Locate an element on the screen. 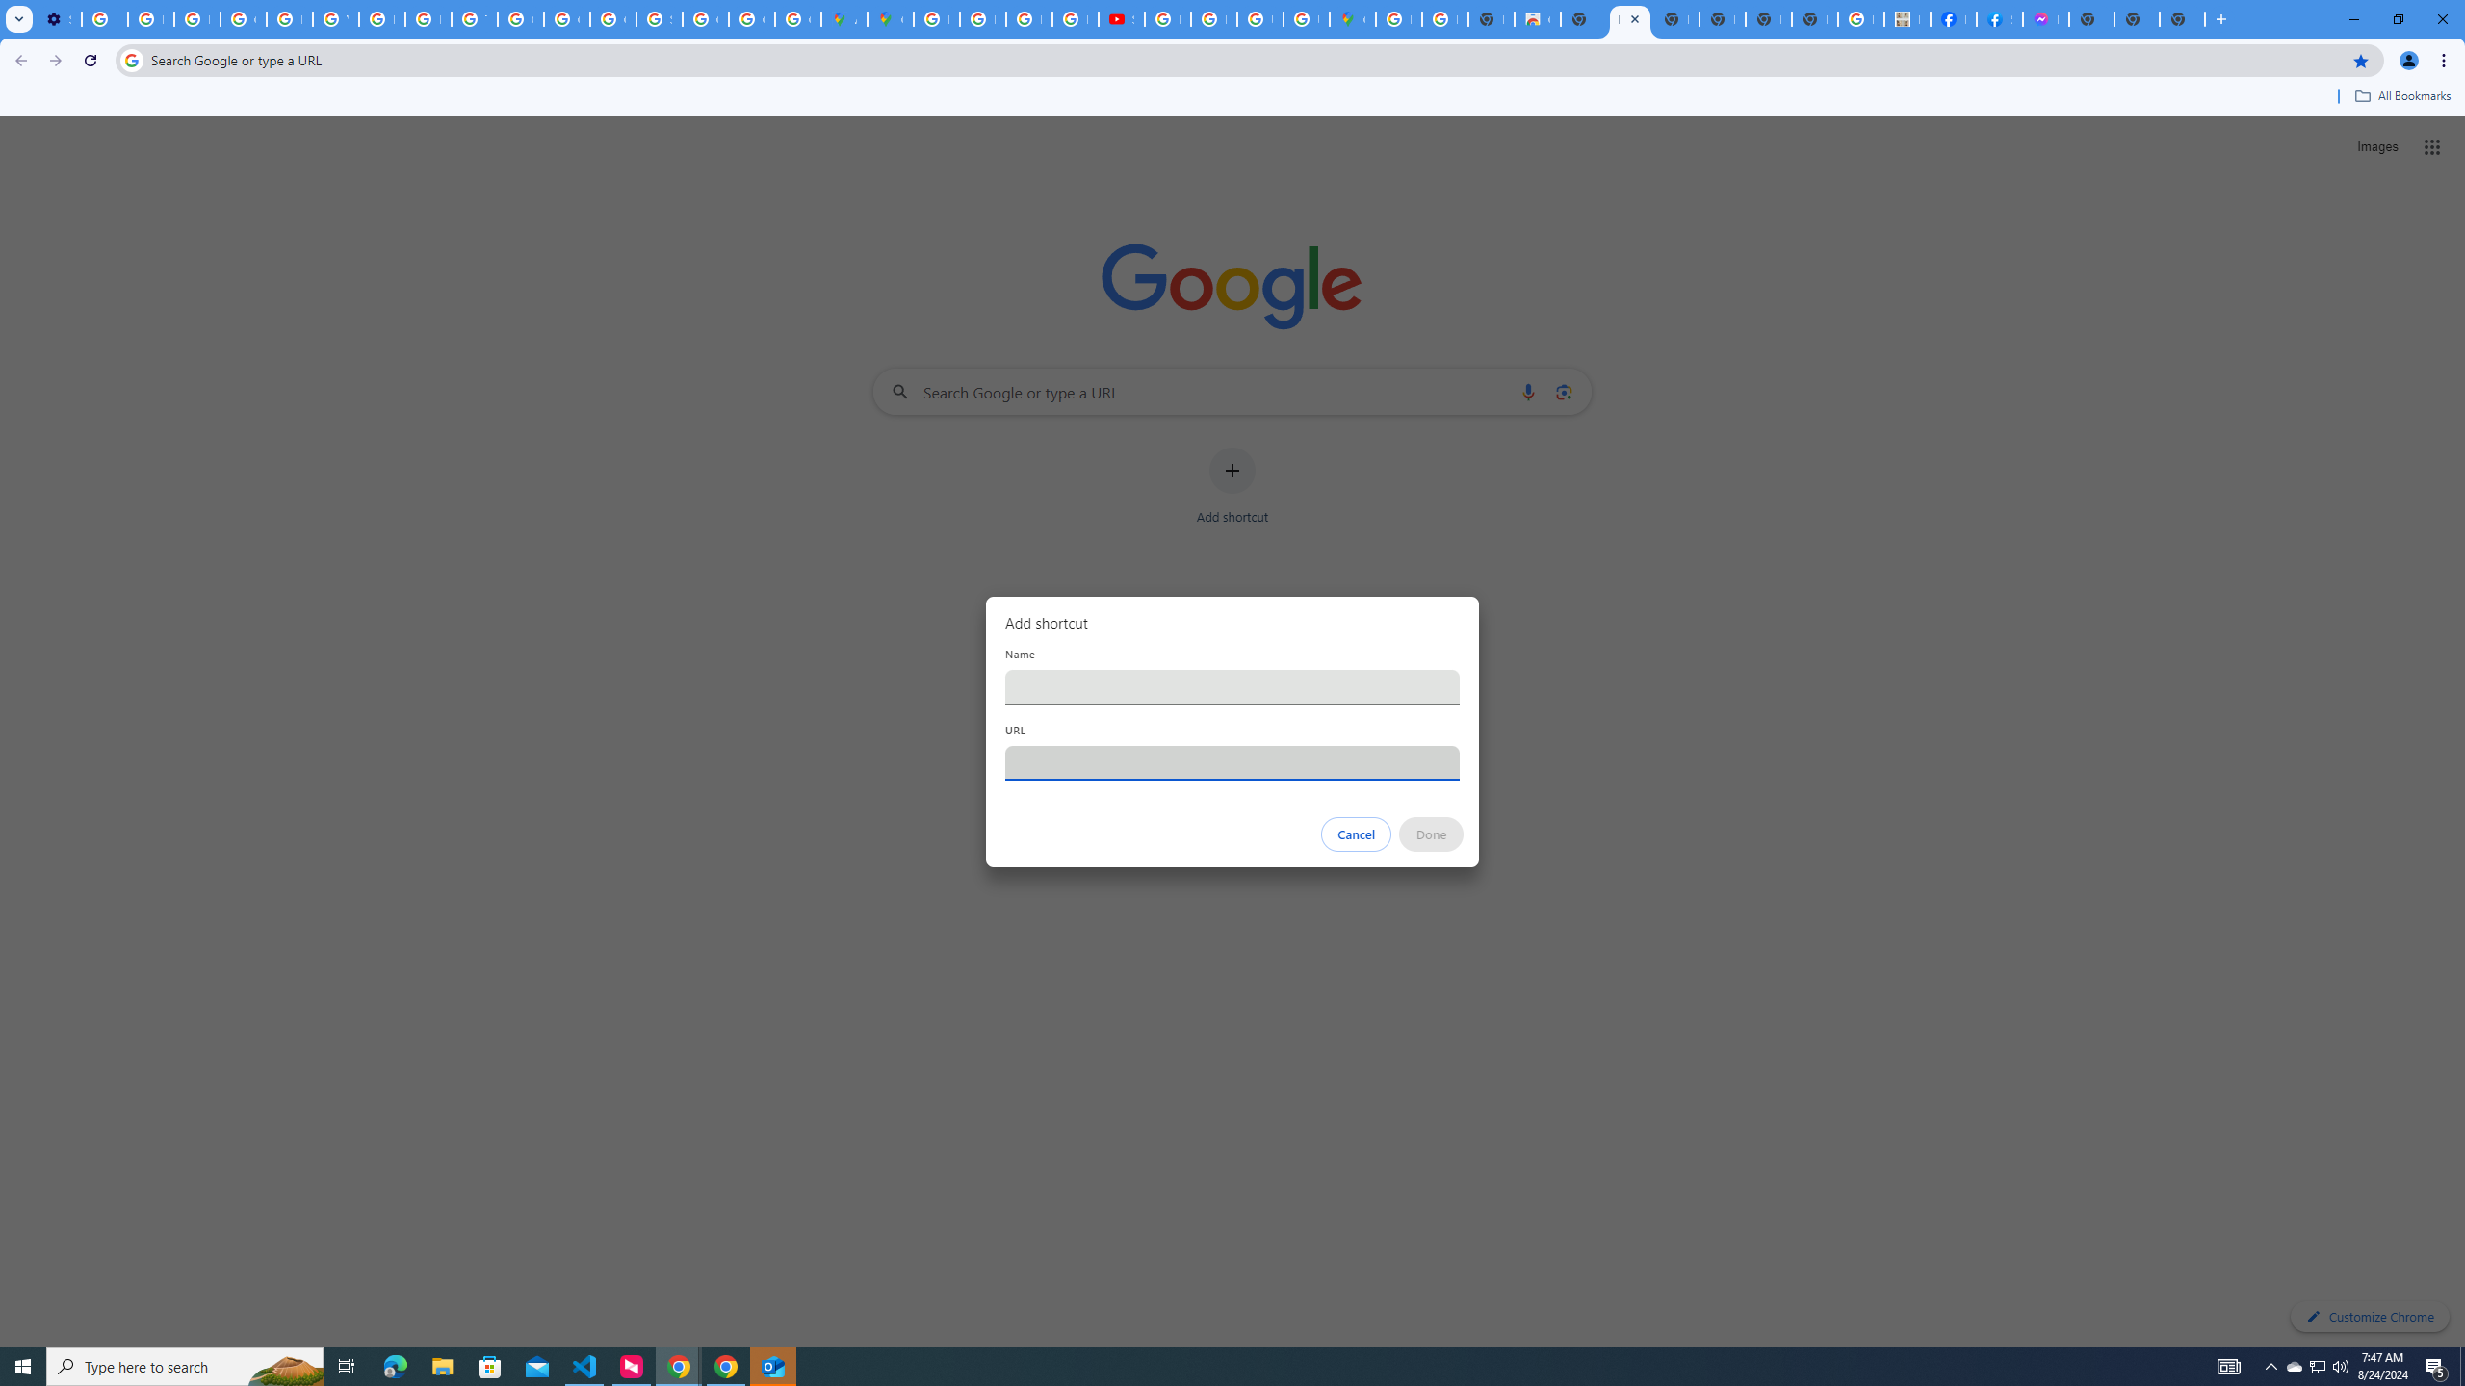 The image size is (2465, 1386). 'Settings - Customize profile' is located at coordinates (59, 18).